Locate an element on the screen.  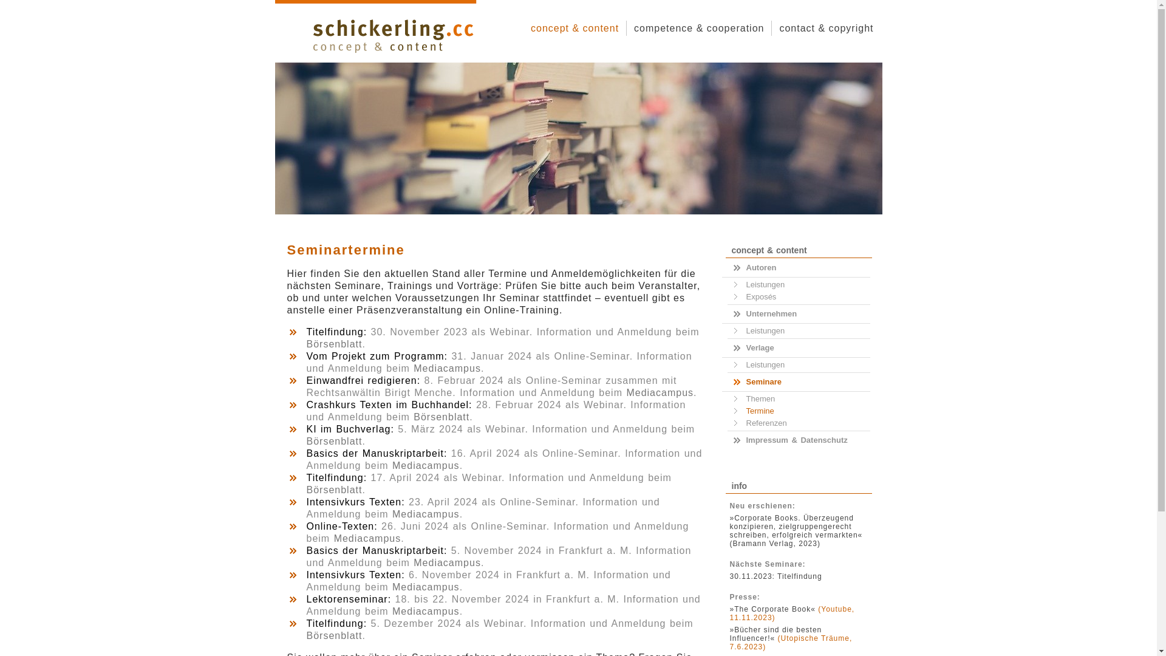
'Mediacampus' is located at coordinates (446, 562).